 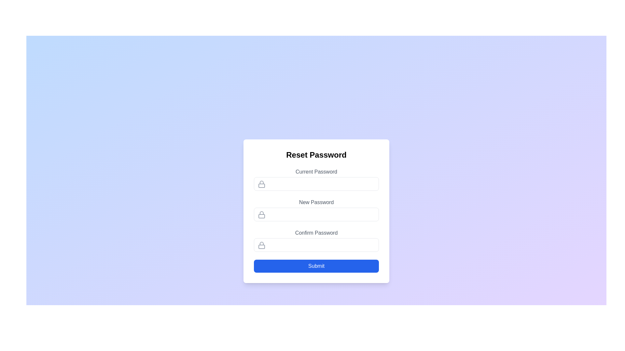 I want to click on the static text label indicating the user should enter their new password, which is positioned centrally in the card above the 'Confirm Password' input field, so click(x=316, y=202).